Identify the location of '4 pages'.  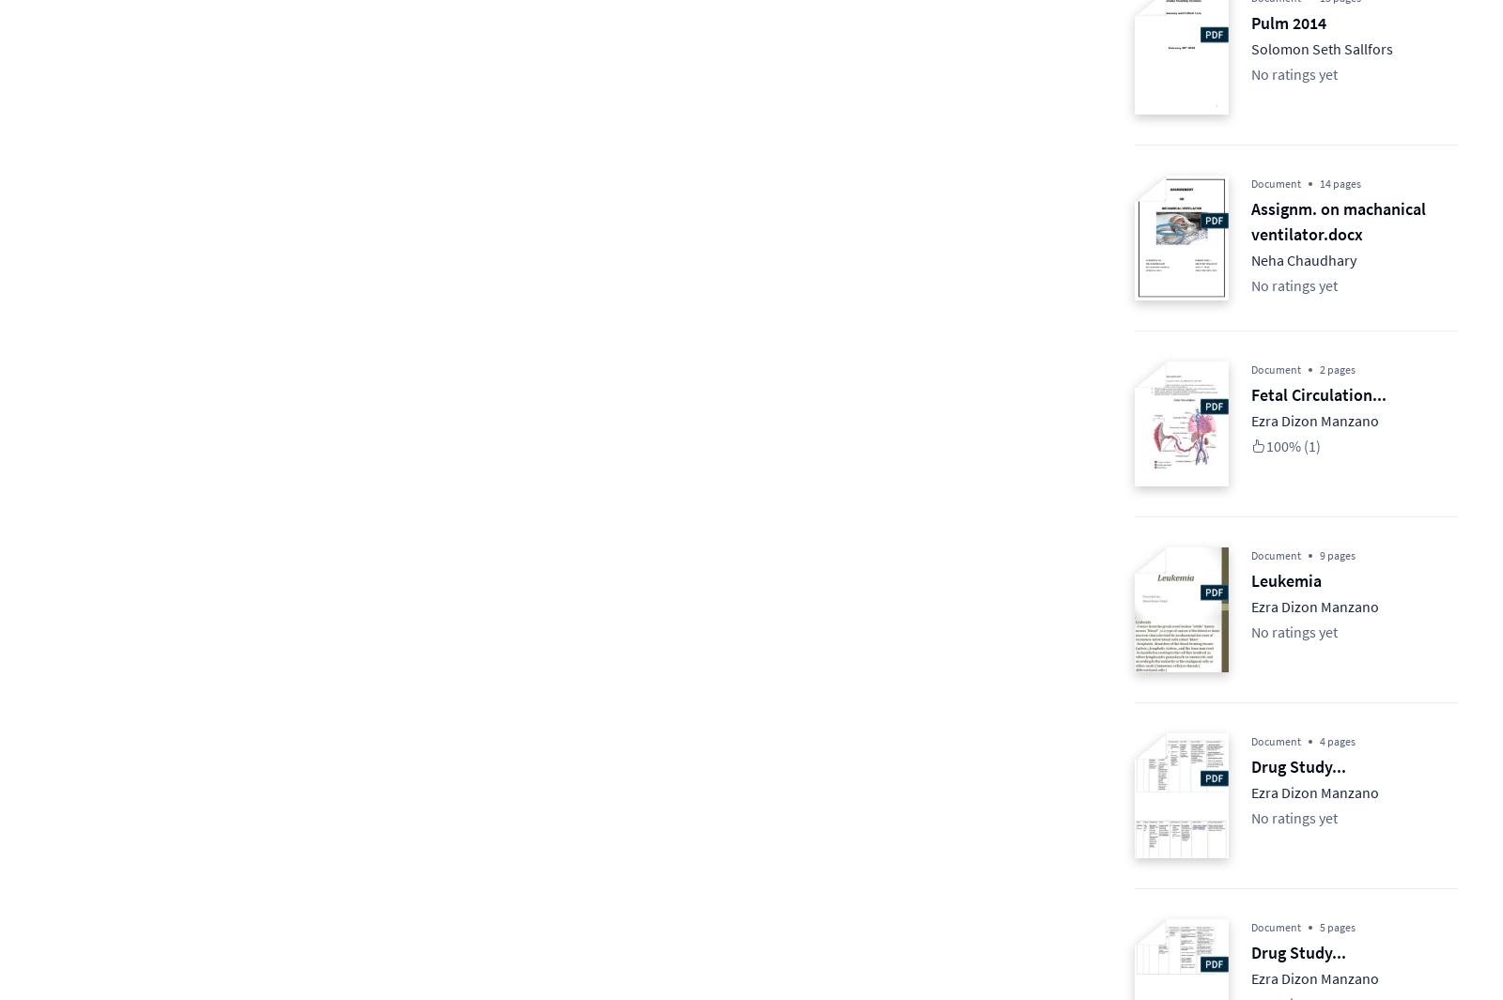
(1319, 741).